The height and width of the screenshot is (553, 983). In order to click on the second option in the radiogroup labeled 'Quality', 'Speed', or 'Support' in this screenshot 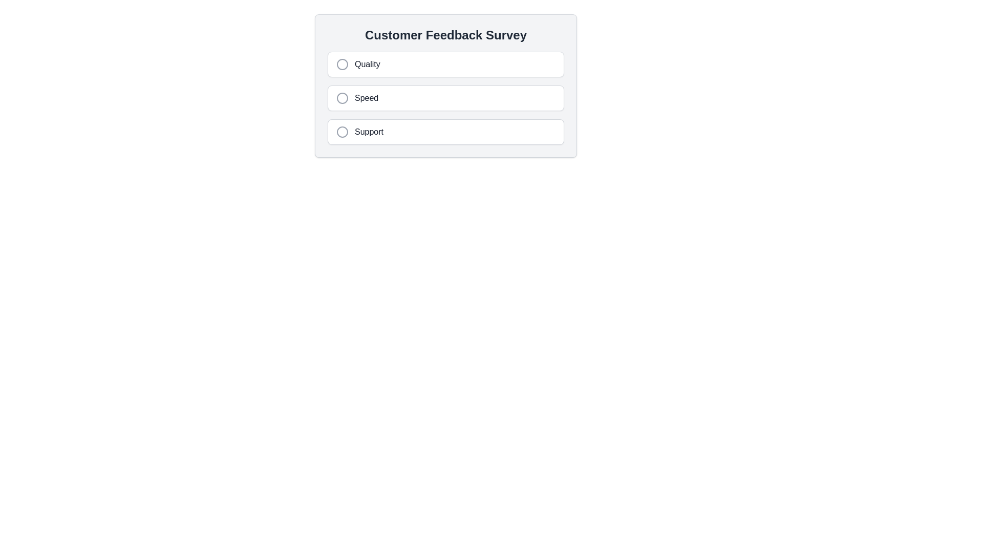, I will do `click(445, 98)`.